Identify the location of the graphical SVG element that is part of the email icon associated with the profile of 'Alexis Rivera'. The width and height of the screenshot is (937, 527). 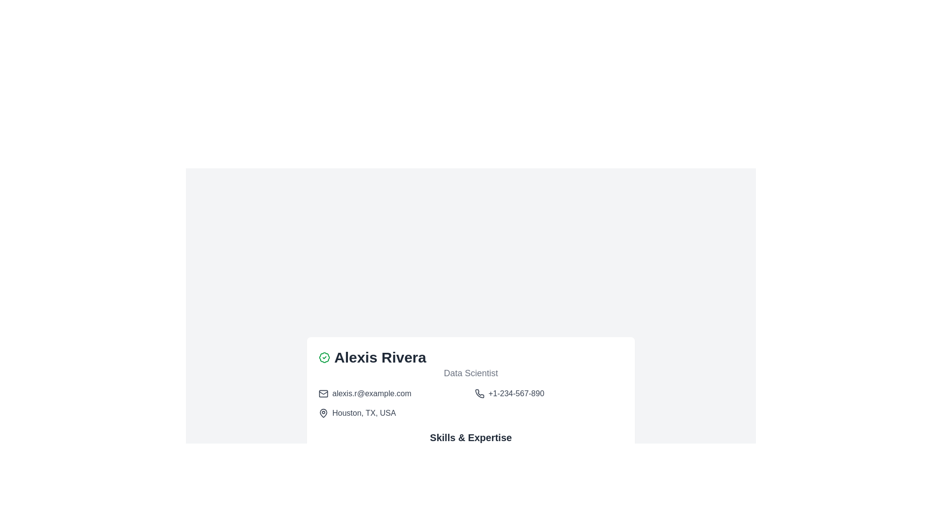
(323, 393).